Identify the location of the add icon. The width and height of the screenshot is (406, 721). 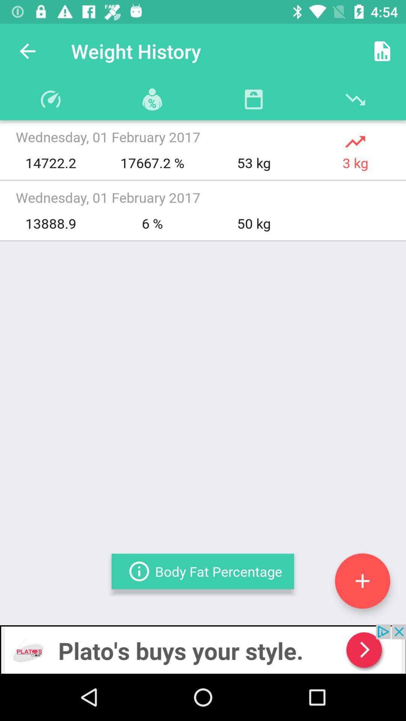
(362, 581).